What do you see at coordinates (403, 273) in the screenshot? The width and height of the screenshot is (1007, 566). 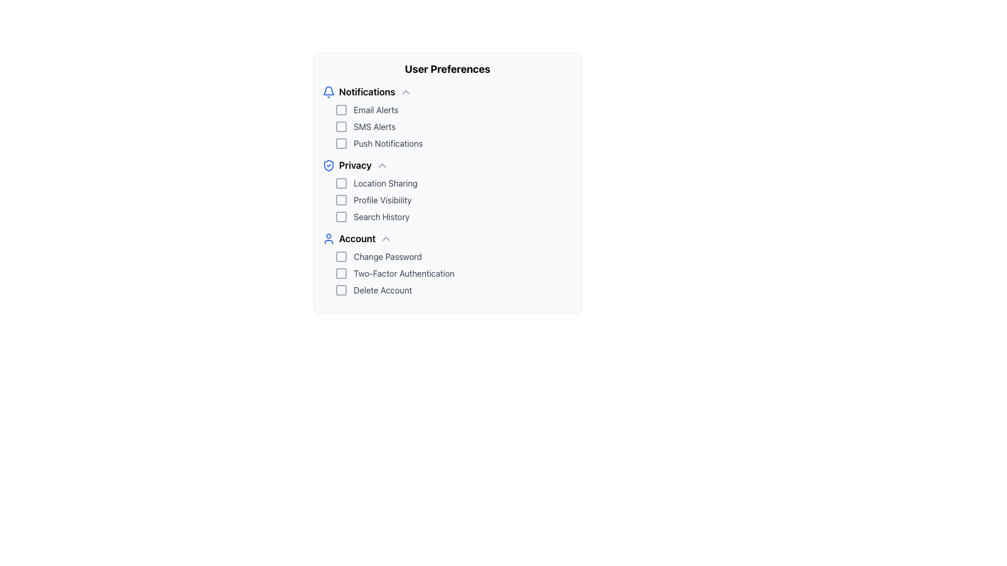 I see `the two-factor authentication text label located under the 'Account' section in the user preferences panel, which is the second item listed, below 'Change Password' and above 'Delete Account'` at bounding box center [403, 273].